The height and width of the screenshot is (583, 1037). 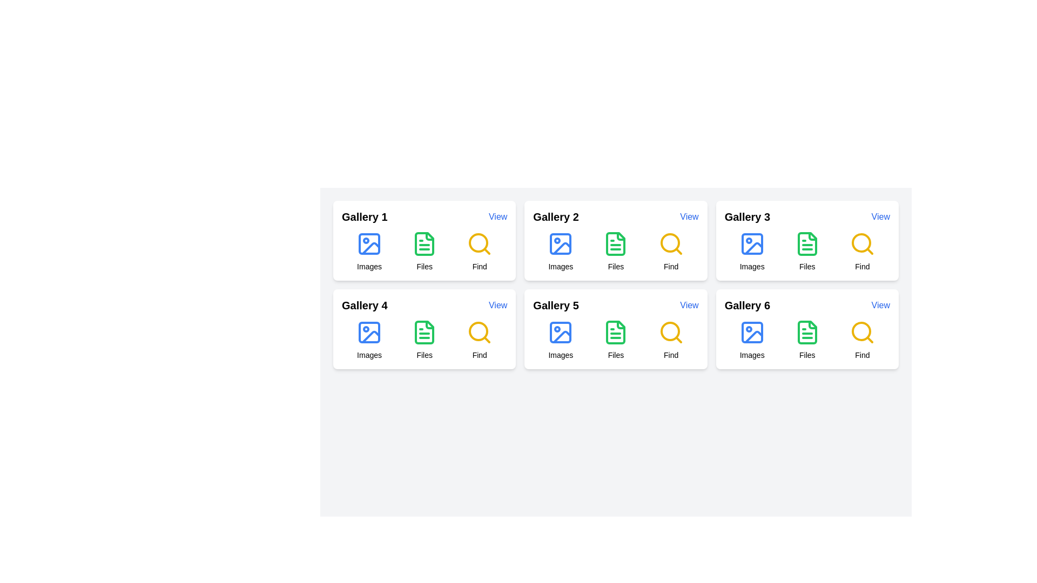 I want to click on the green file icon with the text 'Files' beneath it, which is the second item, so click(x=616, y=339).